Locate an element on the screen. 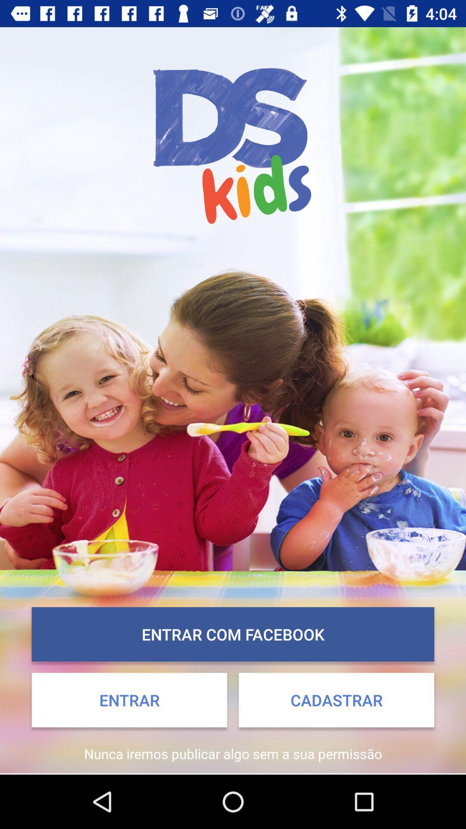 The image size is (466, 829). the cadastrar item is located at coordinates (336, 700).